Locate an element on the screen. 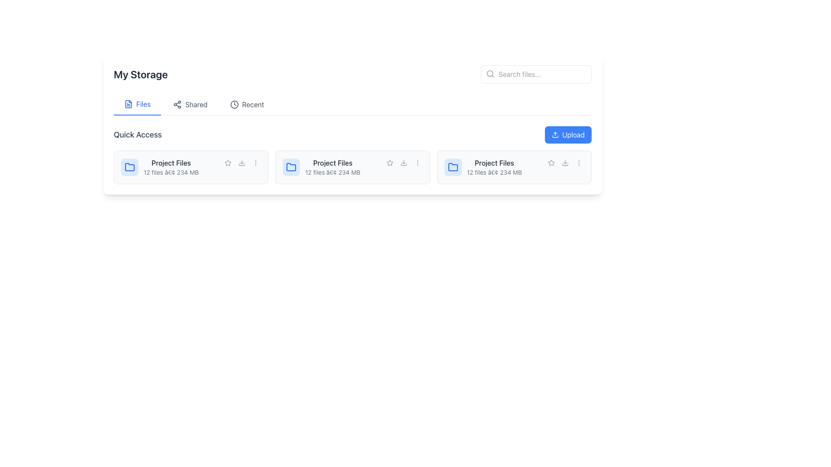 This screenshot has height=467, width=831. the informational label that shows the number of files and total size of the 'Project Files' folder, located directly beneath the 'Project Files' text in the 'Quick Access' section is located at coordinates (332, 172).